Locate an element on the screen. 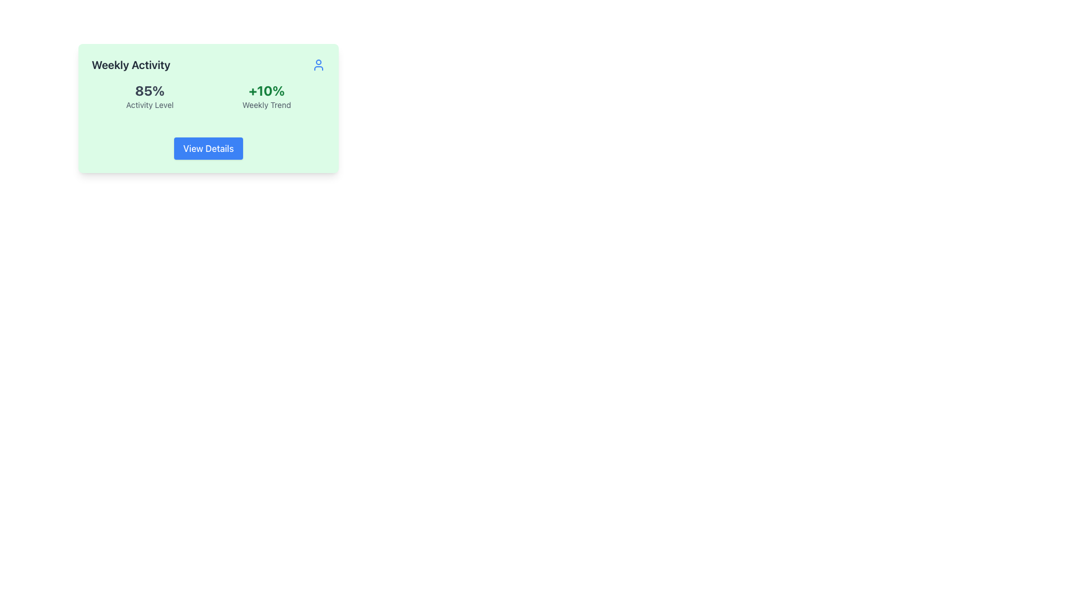  the interactive button located at the bottom-center of a card-like component with a green background is located at coordinates (208, 147).